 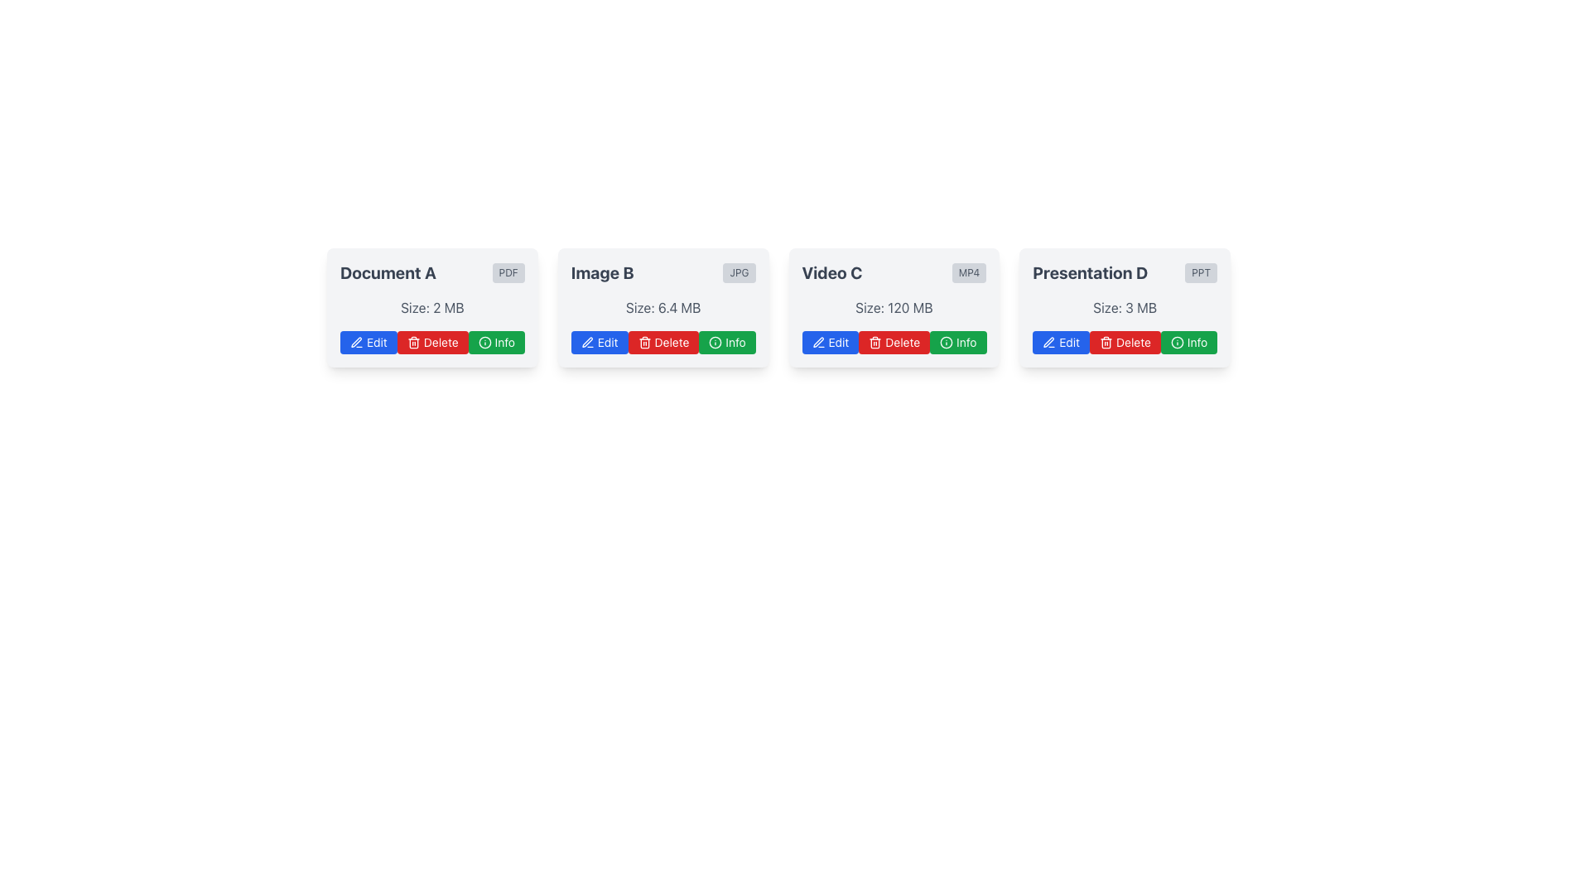 What do you see at coordinates (663, 341) in the screenshot?
I see `the 'Delete' button in the button group located below the text 'Size: 6.4 MB' on the card labeled 'Image B'` at bounding box center [663, 341].